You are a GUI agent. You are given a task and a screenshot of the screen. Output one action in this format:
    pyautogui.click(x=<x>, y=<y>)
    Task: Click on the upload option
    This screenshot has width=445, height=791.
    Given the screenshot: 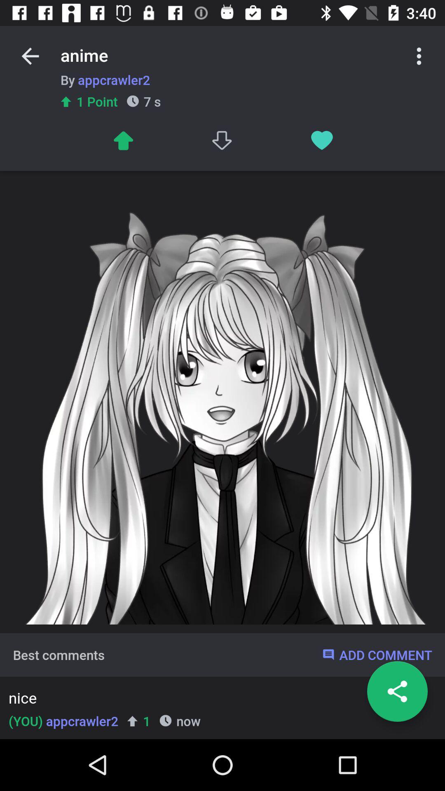 What is the action you would take?
    pyautogui.click(x=123, y=140)
    